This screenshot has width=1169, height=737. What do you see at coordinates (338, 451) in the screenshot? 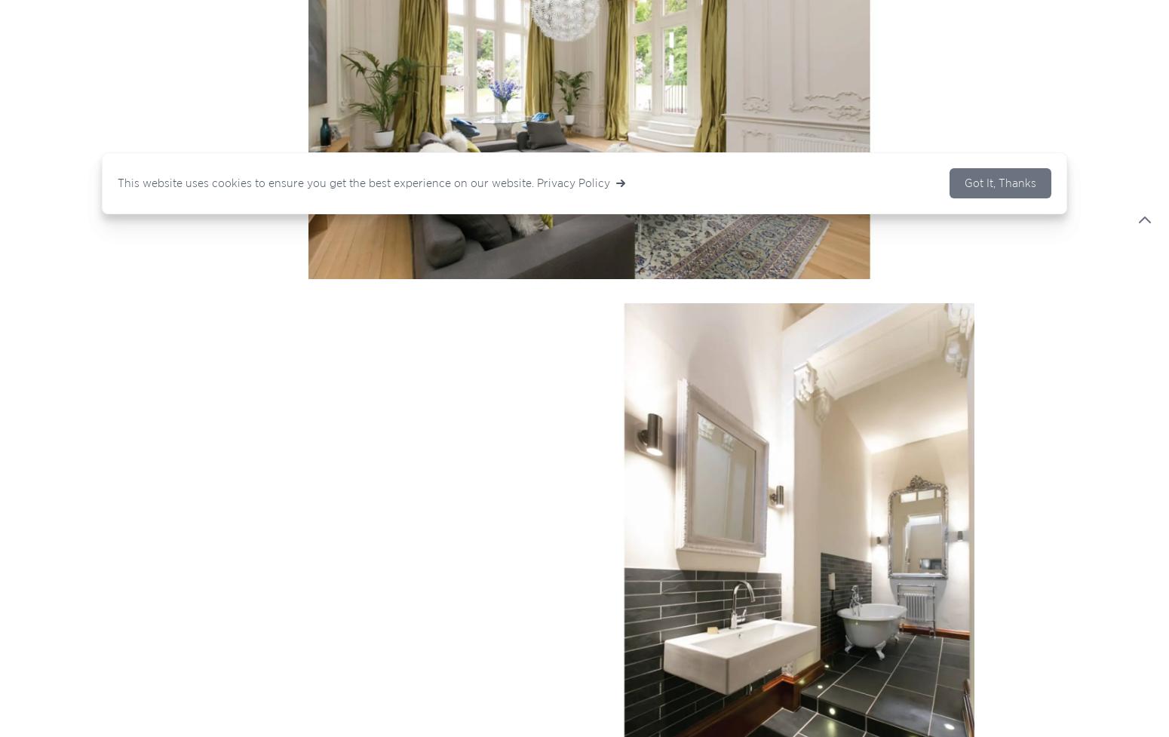
I see `'0141 959 8752'` at bounding box center [338, 451].